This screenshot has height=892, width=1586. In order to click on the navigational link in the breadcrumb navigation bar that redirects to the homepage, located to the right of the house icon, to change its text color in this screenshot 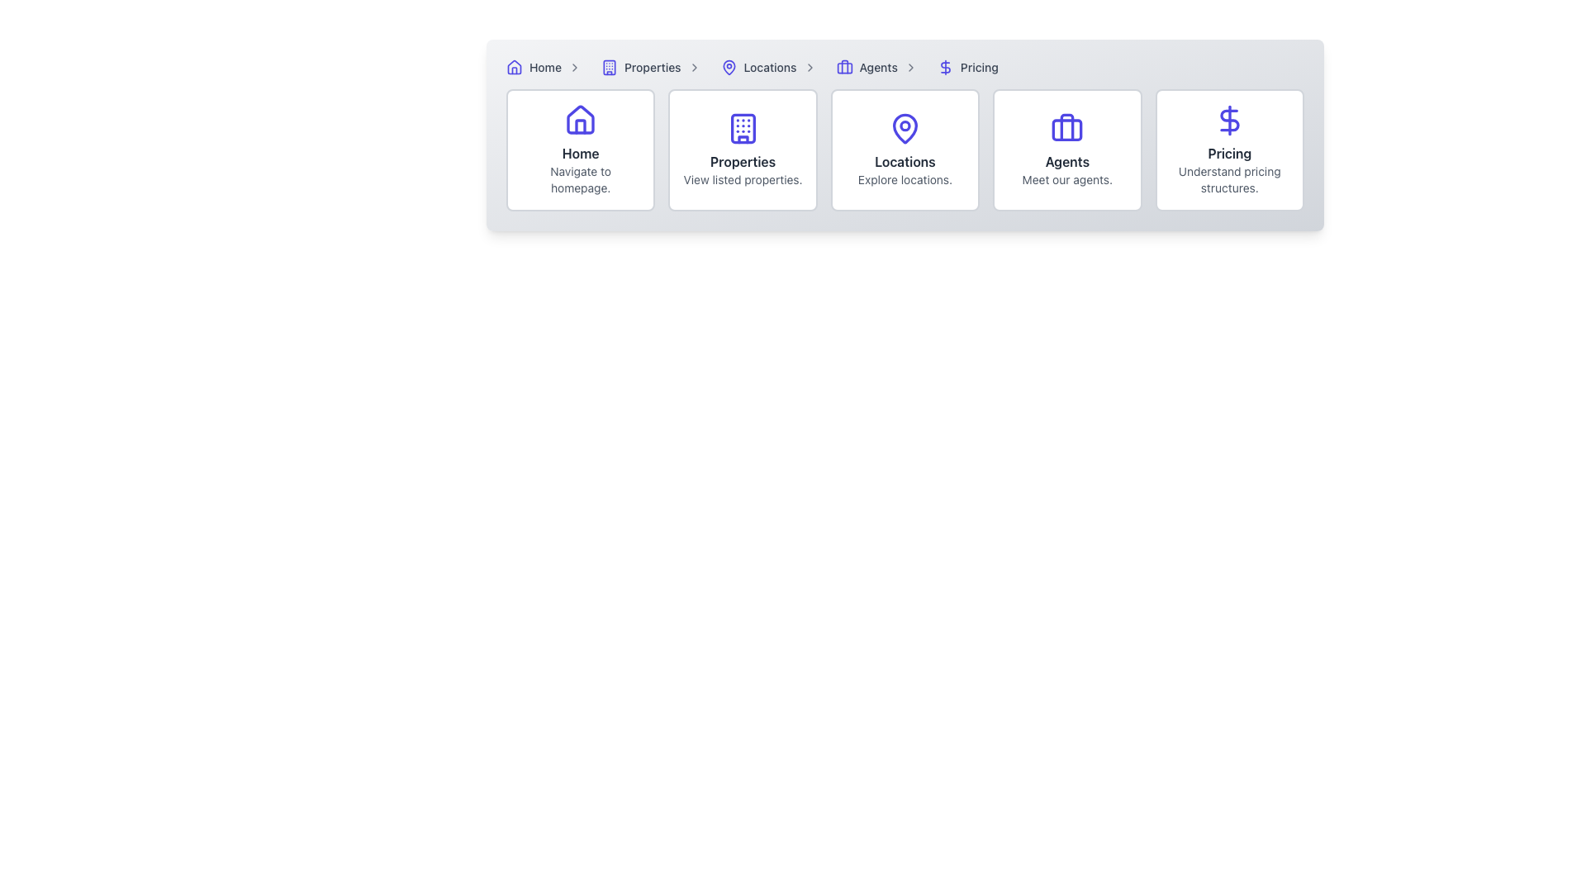, I will do `click(545, 66)`.